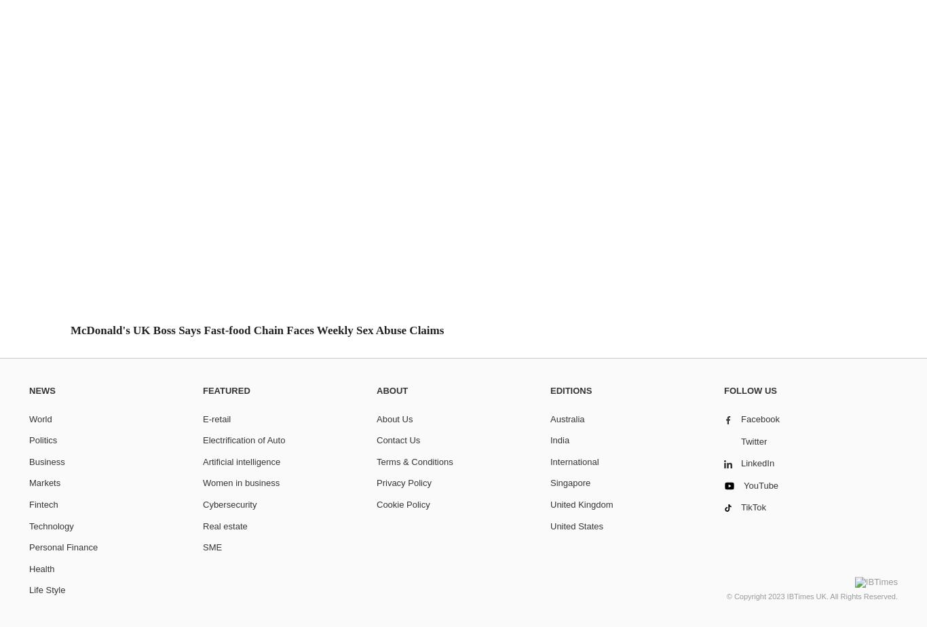  I want to click on 'Privacy Policy', so click(377, 483).